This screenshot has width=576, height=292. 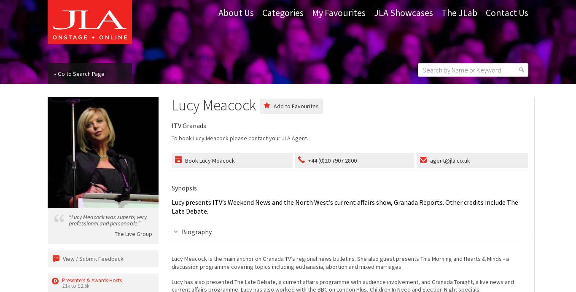 What do you see at coordinates (449, 159) in the screenshot?
I see `'agent@jla.co.uk'` at bounding box center [449, 159].